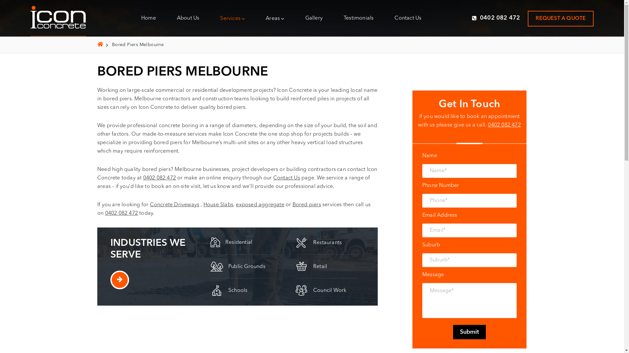 Image resolution: width=629 pixels, height=353 pixels. What do you see at coordinates (306, 205) in the screenshot?
I see `'Bored piers'` at bounding box center [306, 205].